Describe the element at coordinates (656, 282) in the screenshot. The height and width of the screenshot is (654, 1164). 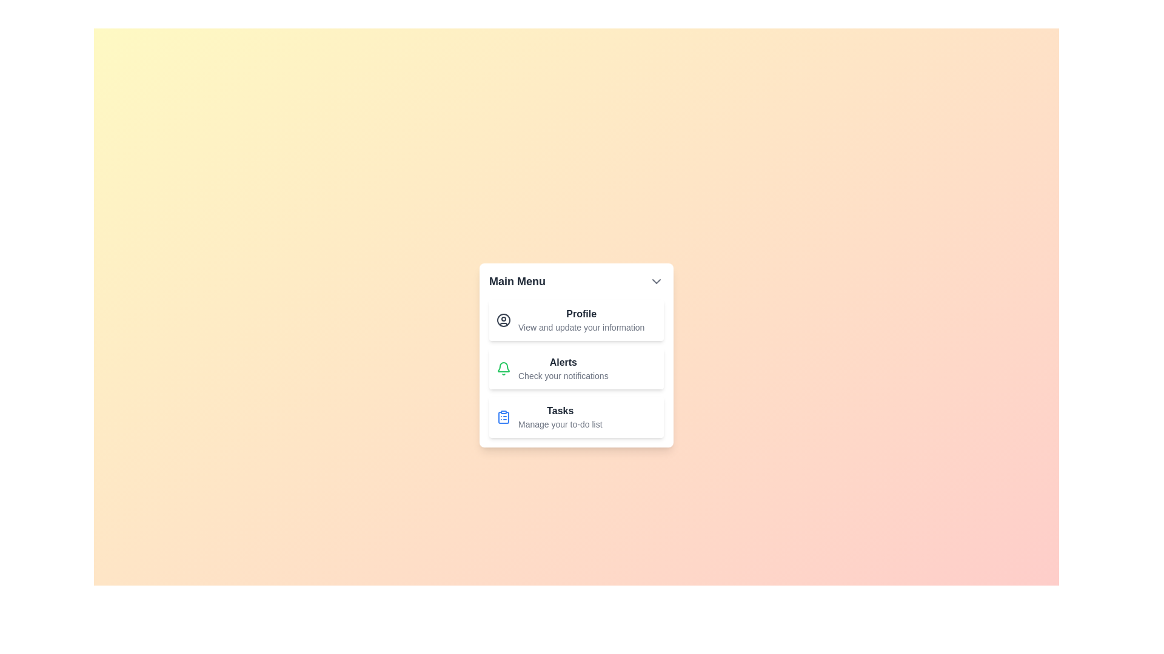
I see `the expand/collapse button to toggle the menu visibility` at that location.